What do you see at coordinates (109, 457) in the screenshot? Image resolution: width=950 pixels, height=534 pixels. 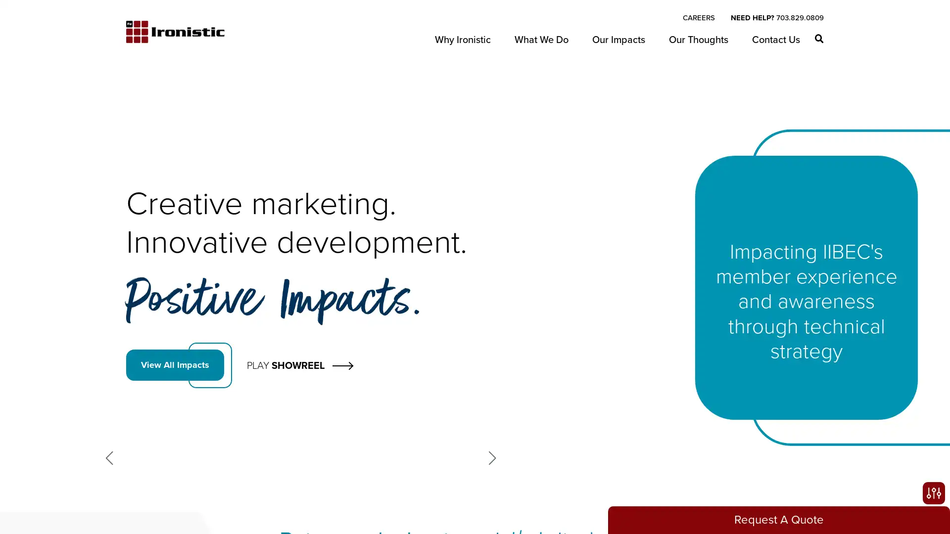 I see `Previous slide` at bounding box center [109, 457].